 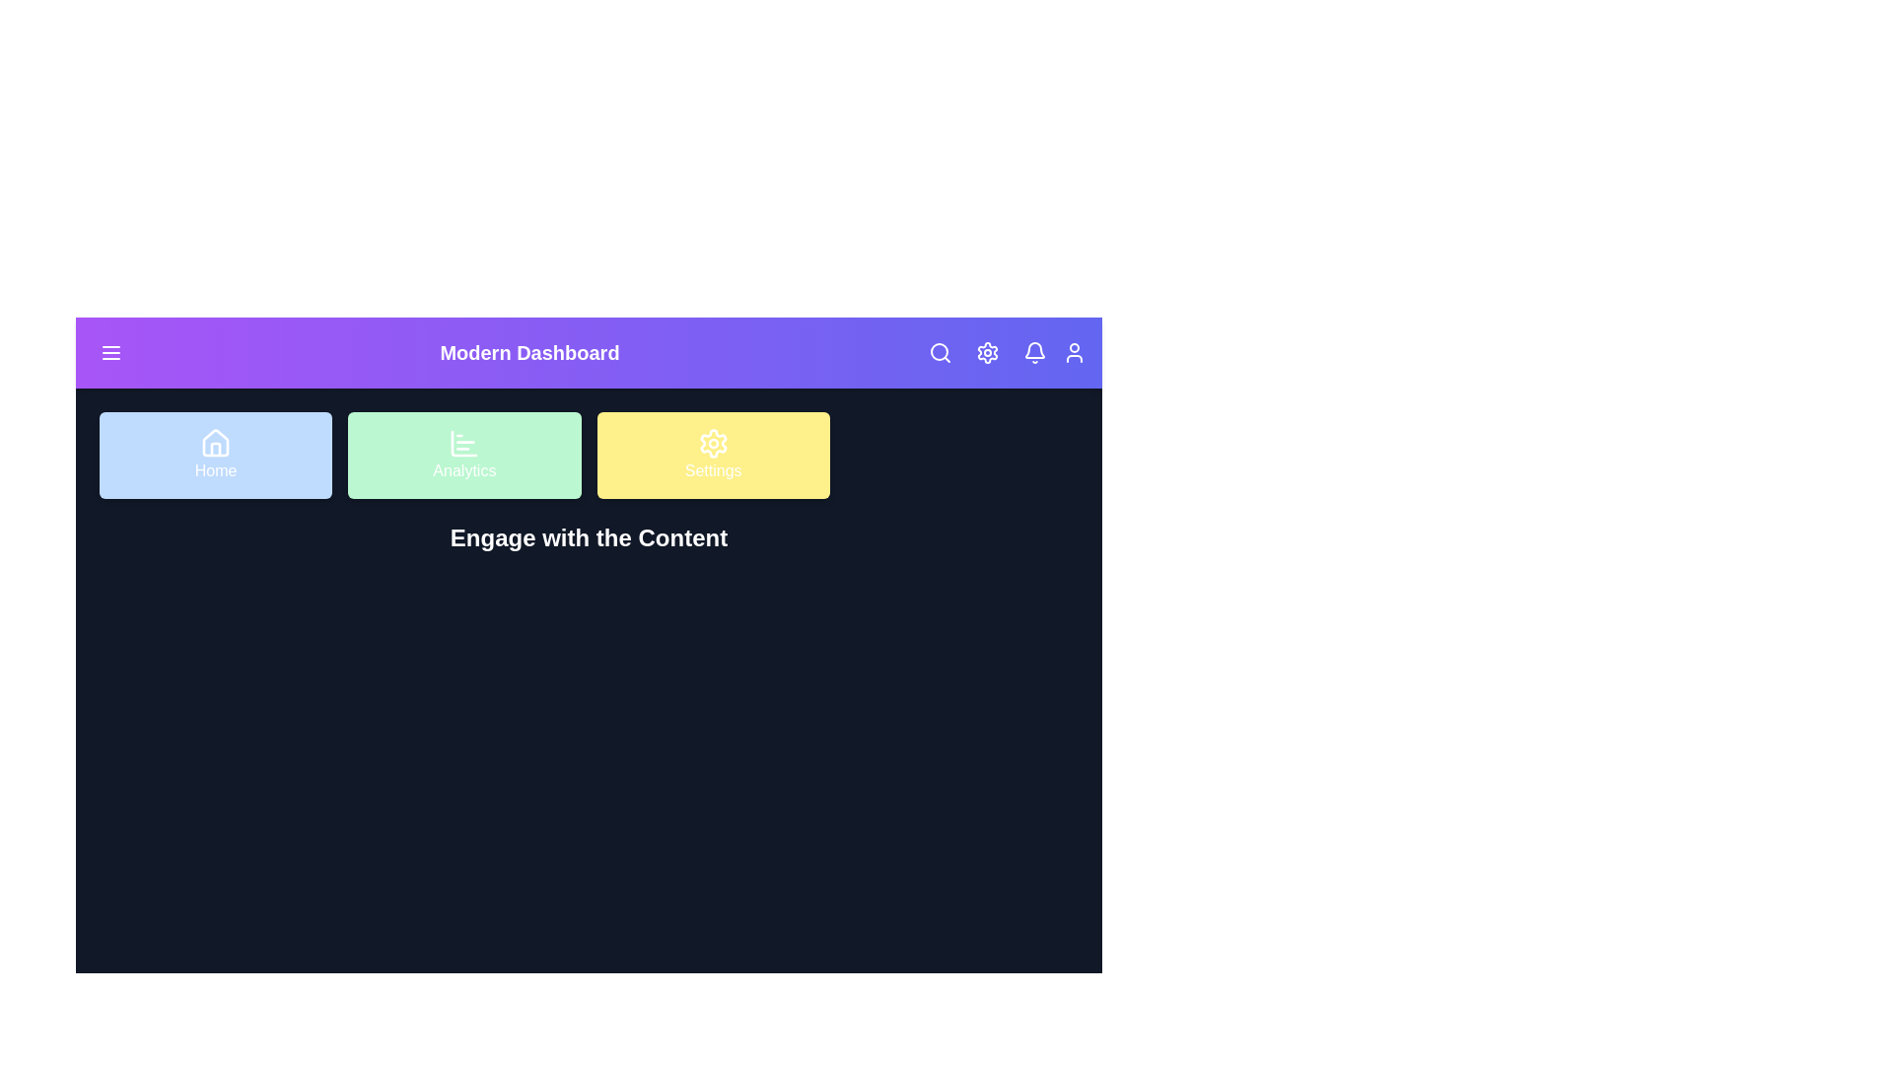 I want to click on the theme toggle button to switch the theme, so click(x=988, y=352).